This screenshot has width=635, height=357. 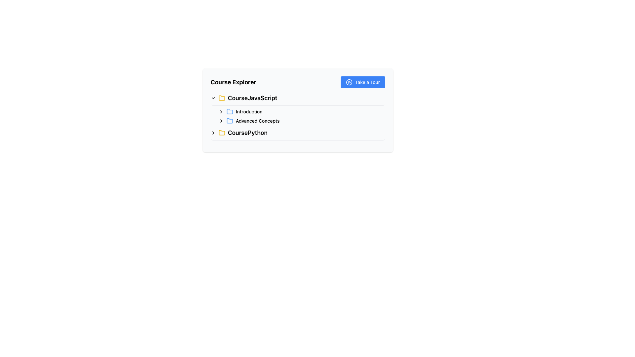 I want to click on the 'Advanced Concepts' navigation link in the 'Course Explorer' sidebar, which is the second item under the 'CourseJavaScript' section, so click(x=301, y=121).